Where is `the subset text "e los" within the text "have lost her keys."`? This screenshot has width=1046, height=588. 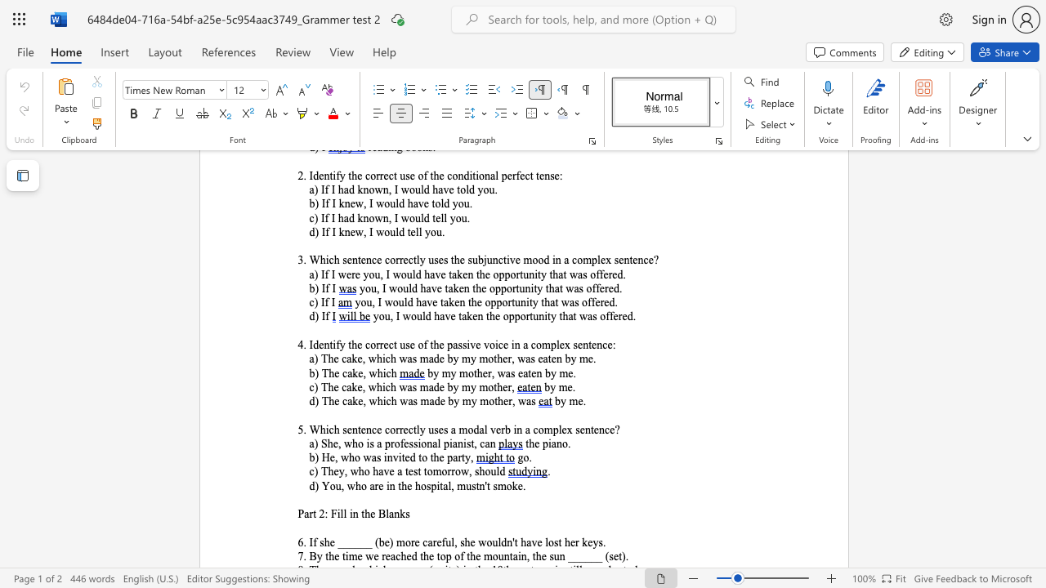
the subset text "e los" within the text "have lost her keys." is located at coordinates (537, 542).